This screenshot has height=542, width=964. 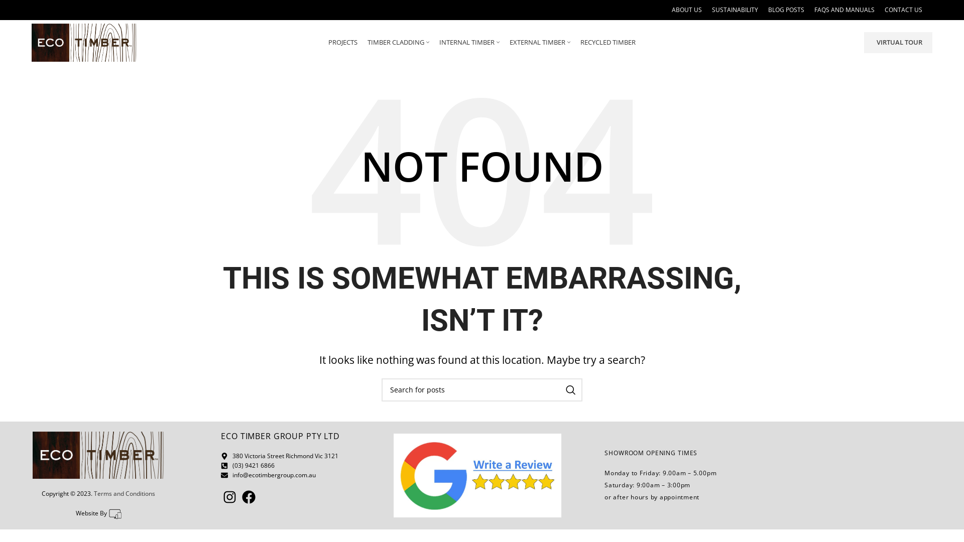 What do you see at coordinates (814, 10) in the screenshot?
I see `'FAQS AND MANUALS'` at bounding box center [814, 10].